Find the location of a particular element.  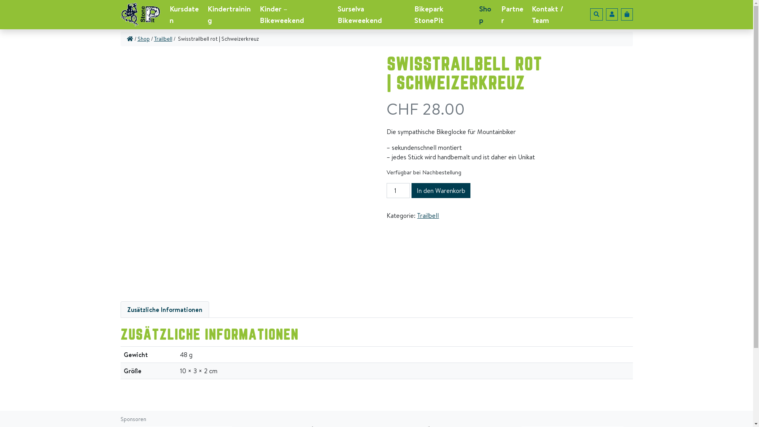

'Shop' is located at coordinates (143, 39).